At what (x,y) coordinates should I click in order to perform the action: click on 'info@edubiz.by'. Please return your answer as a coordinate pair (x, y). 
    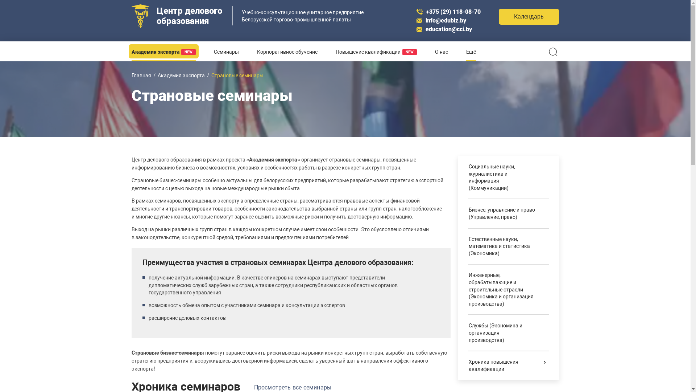
    Looking at the image, I should click on (441, 20).